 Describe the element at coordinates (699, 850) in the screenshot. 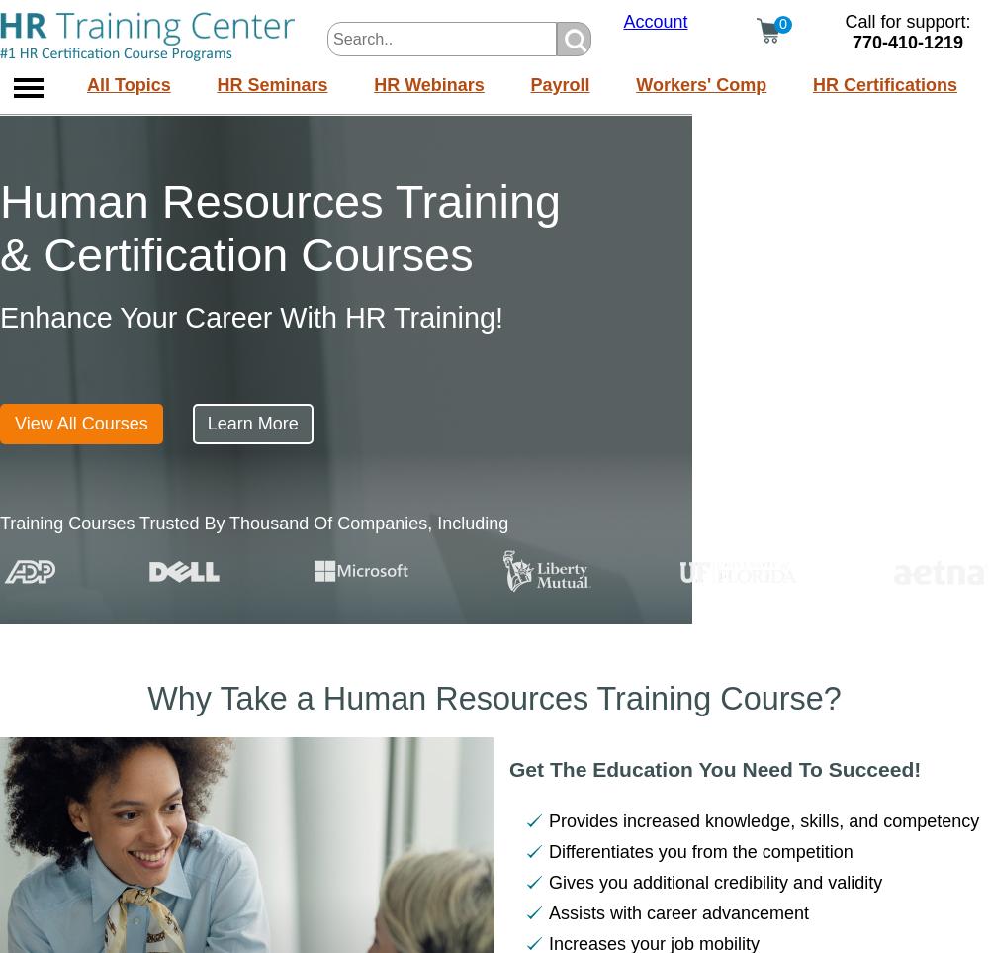

I see `'Differentiates you from the competition'` at that location.